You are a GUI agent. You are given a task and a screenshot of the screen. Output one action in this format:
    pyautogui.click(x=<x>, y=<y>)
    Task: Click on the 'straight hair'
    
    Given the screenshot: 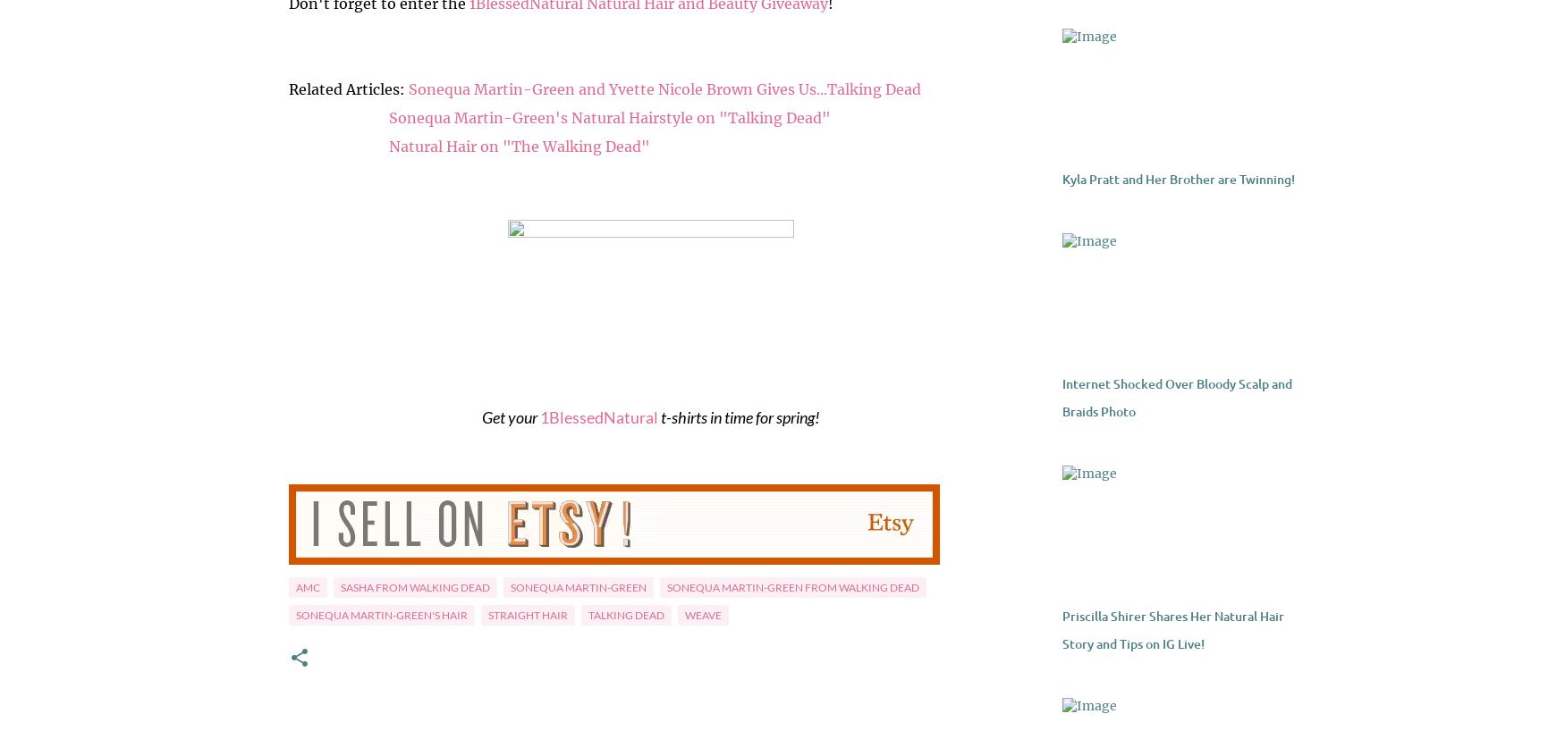 What is the action you would take?
    pyautogui.click(x=527, y=614)
    